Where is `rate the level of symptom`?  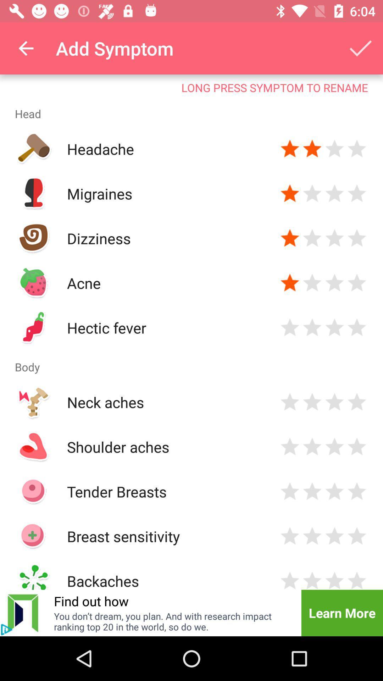
rate the level of symptom is located at coordinates (357, 149).